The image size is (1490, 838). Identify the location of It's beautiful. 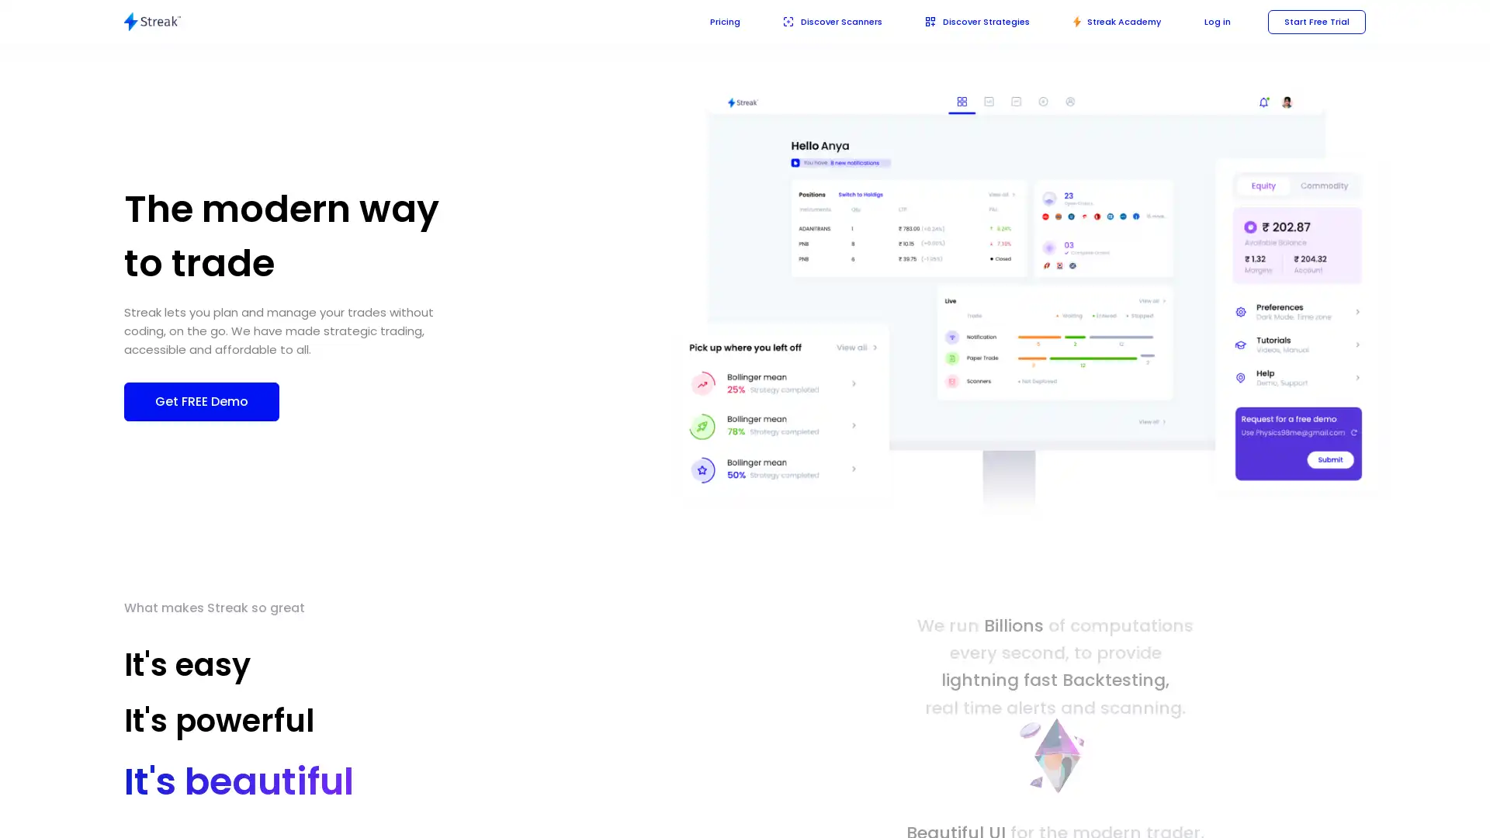
(220, 787).